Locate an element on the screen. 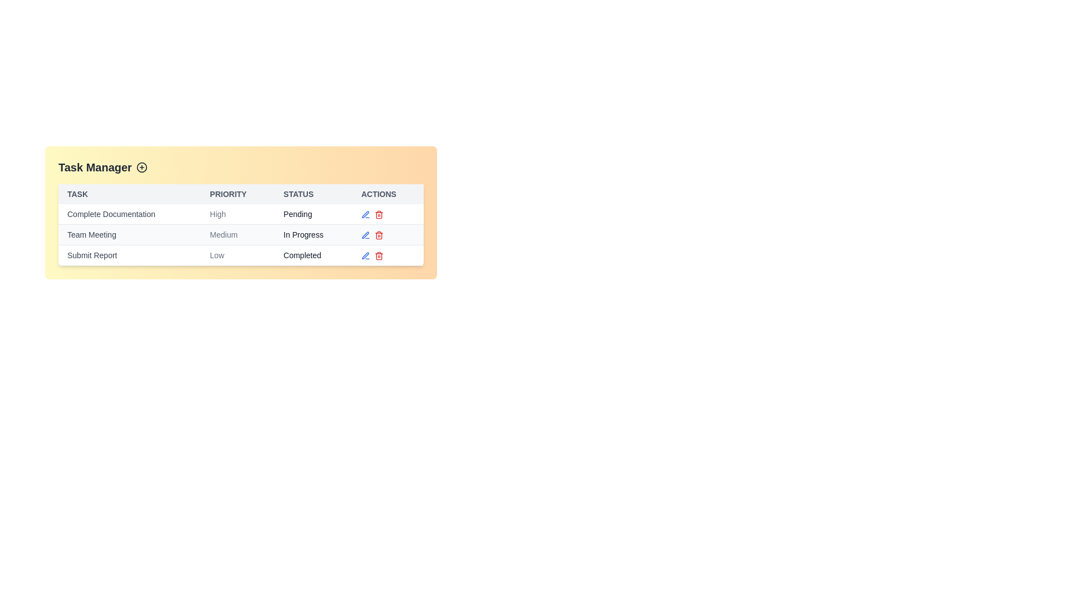 This screenshot has height=601, width=1069. the 'plus' icon to add a new task is located at coordinates (141, 167).